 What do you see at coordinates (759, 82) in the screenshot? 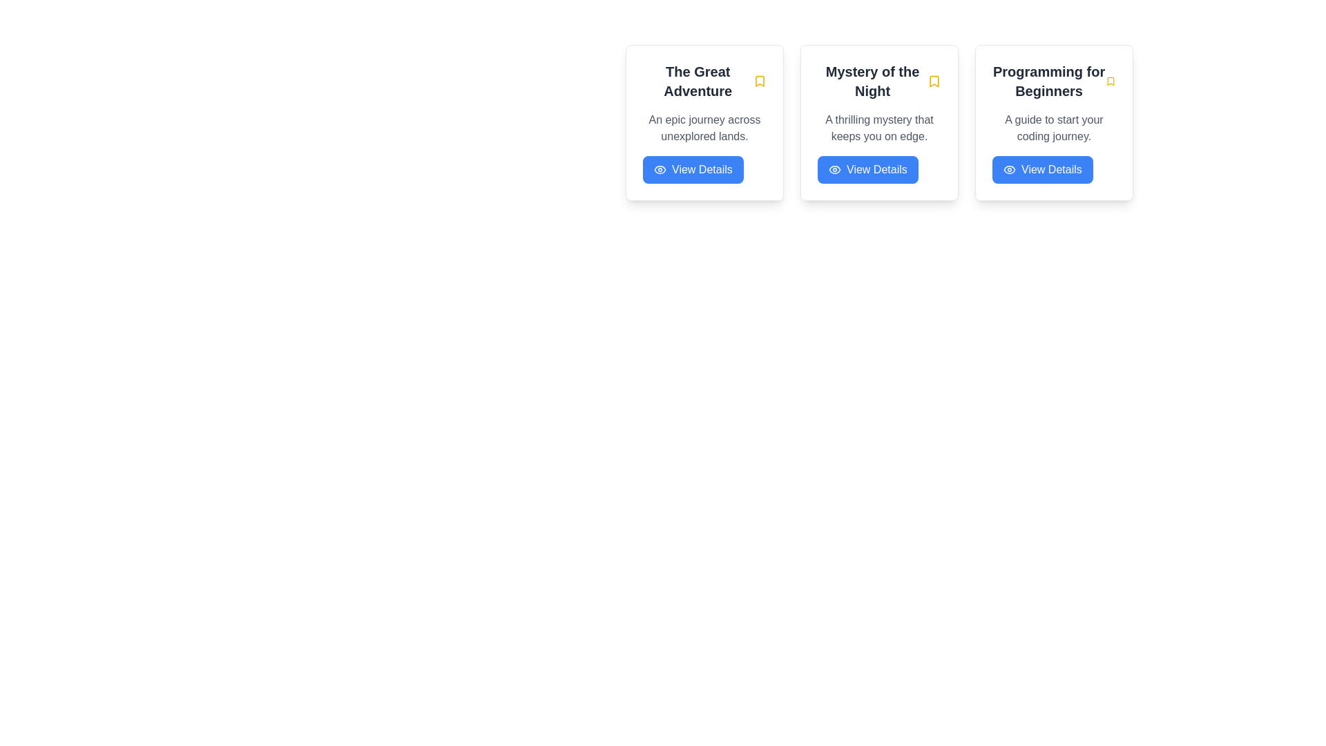
I see `the yellow bookmark icon located on the right side of the title 'The Great Adventure'` at bounding box center [759, 82].